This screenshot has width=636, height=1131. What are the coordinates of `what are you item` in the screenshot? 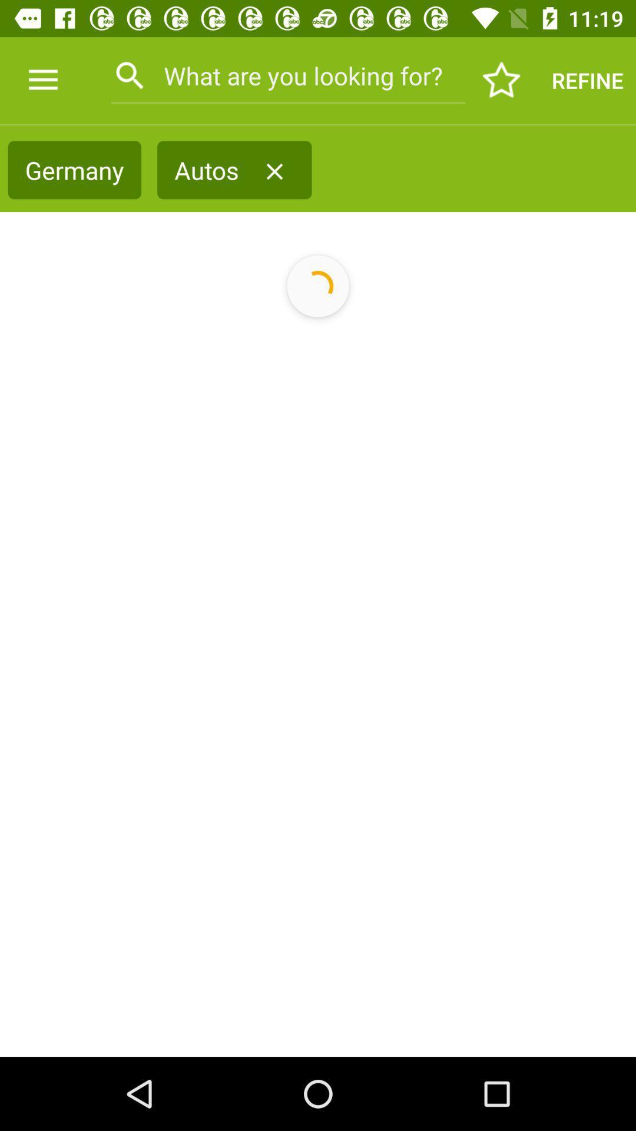 It's located at (288, 75).